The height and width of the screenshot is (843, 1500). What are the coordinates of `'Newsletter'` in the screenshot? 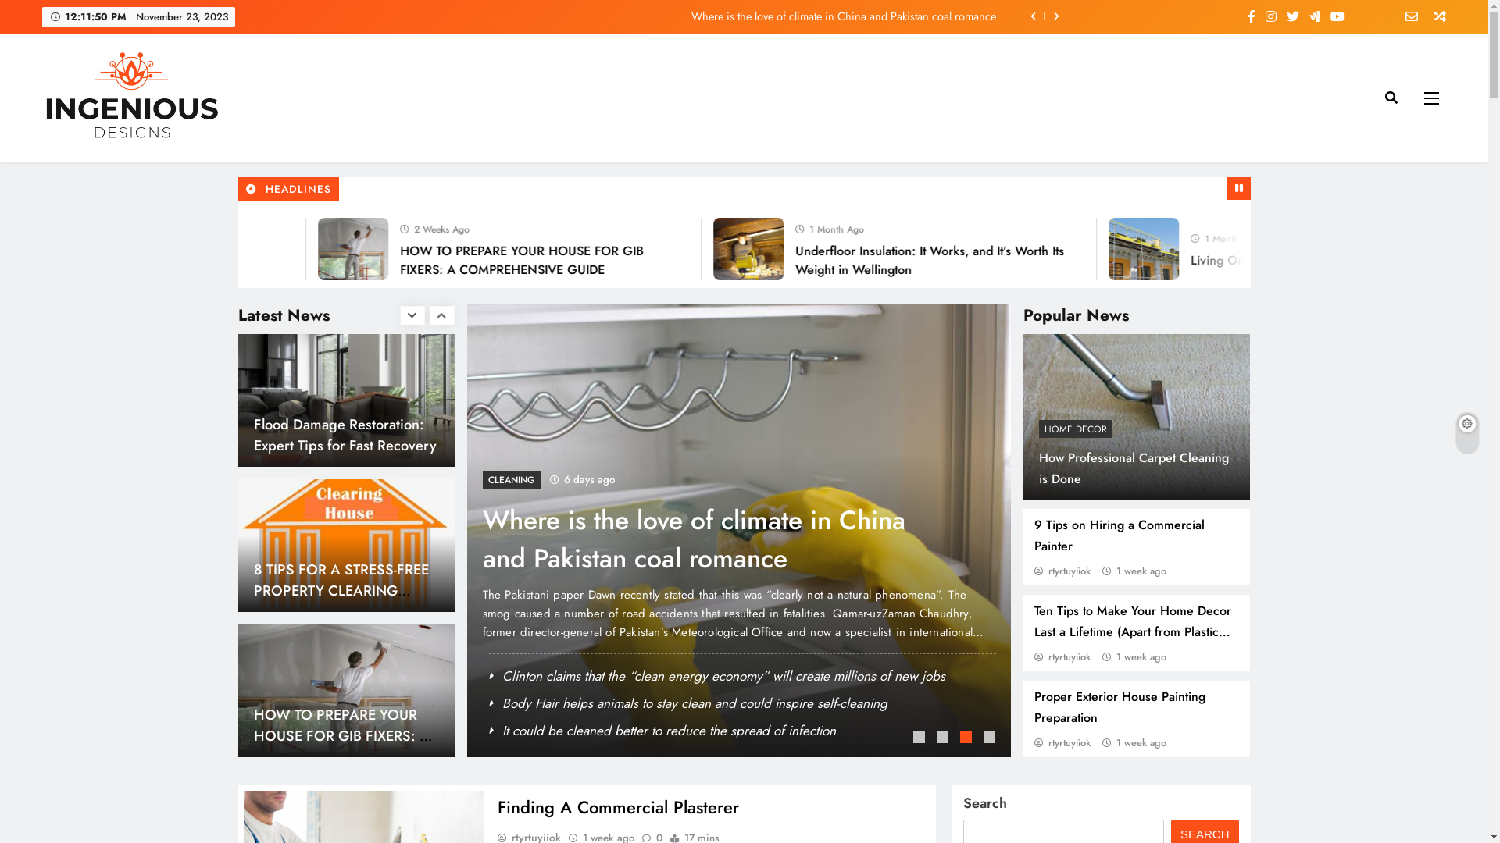 It's located at (1405, 17).